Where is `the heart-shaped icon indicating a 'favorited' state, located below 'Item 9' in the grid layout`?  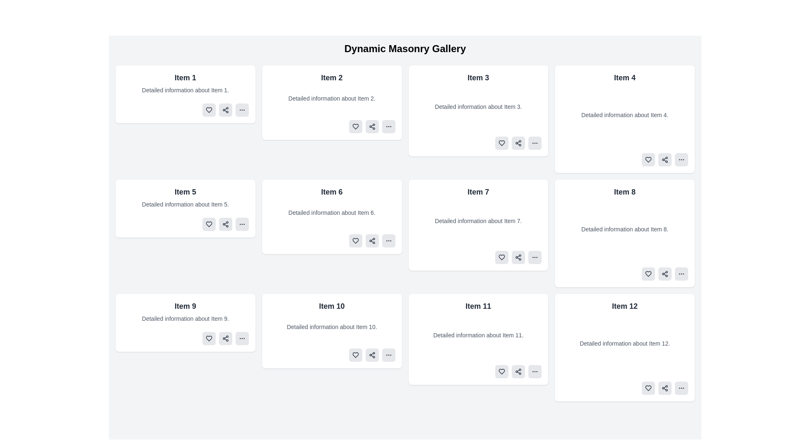
the heart-shaped icon indicating a 'favorited' state, located below 'Item 9' in the grid layout is located at coordinates (209, 338).